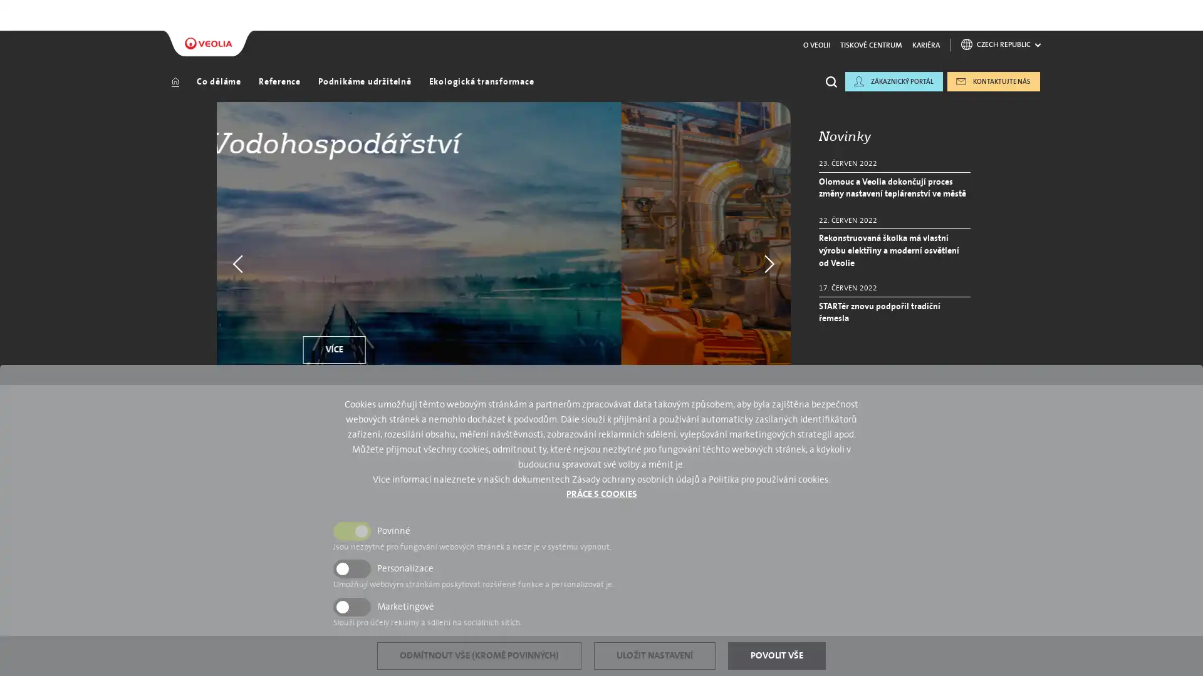  What do you see at coordinates (654, 655) in the screenshot?
I see `ULOZIT NASTAVENI` at bounding box center [654, 655].